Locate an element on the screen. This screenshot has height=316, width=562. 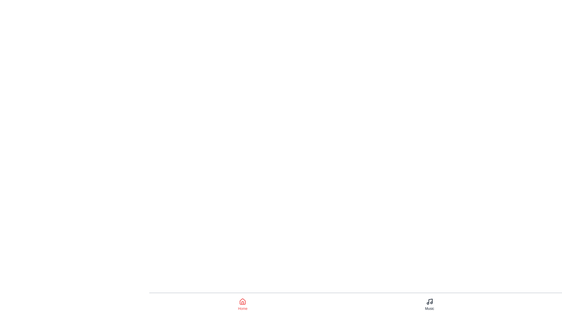
the Music tab by clicking on its icon is located at coordinates (429, 304).